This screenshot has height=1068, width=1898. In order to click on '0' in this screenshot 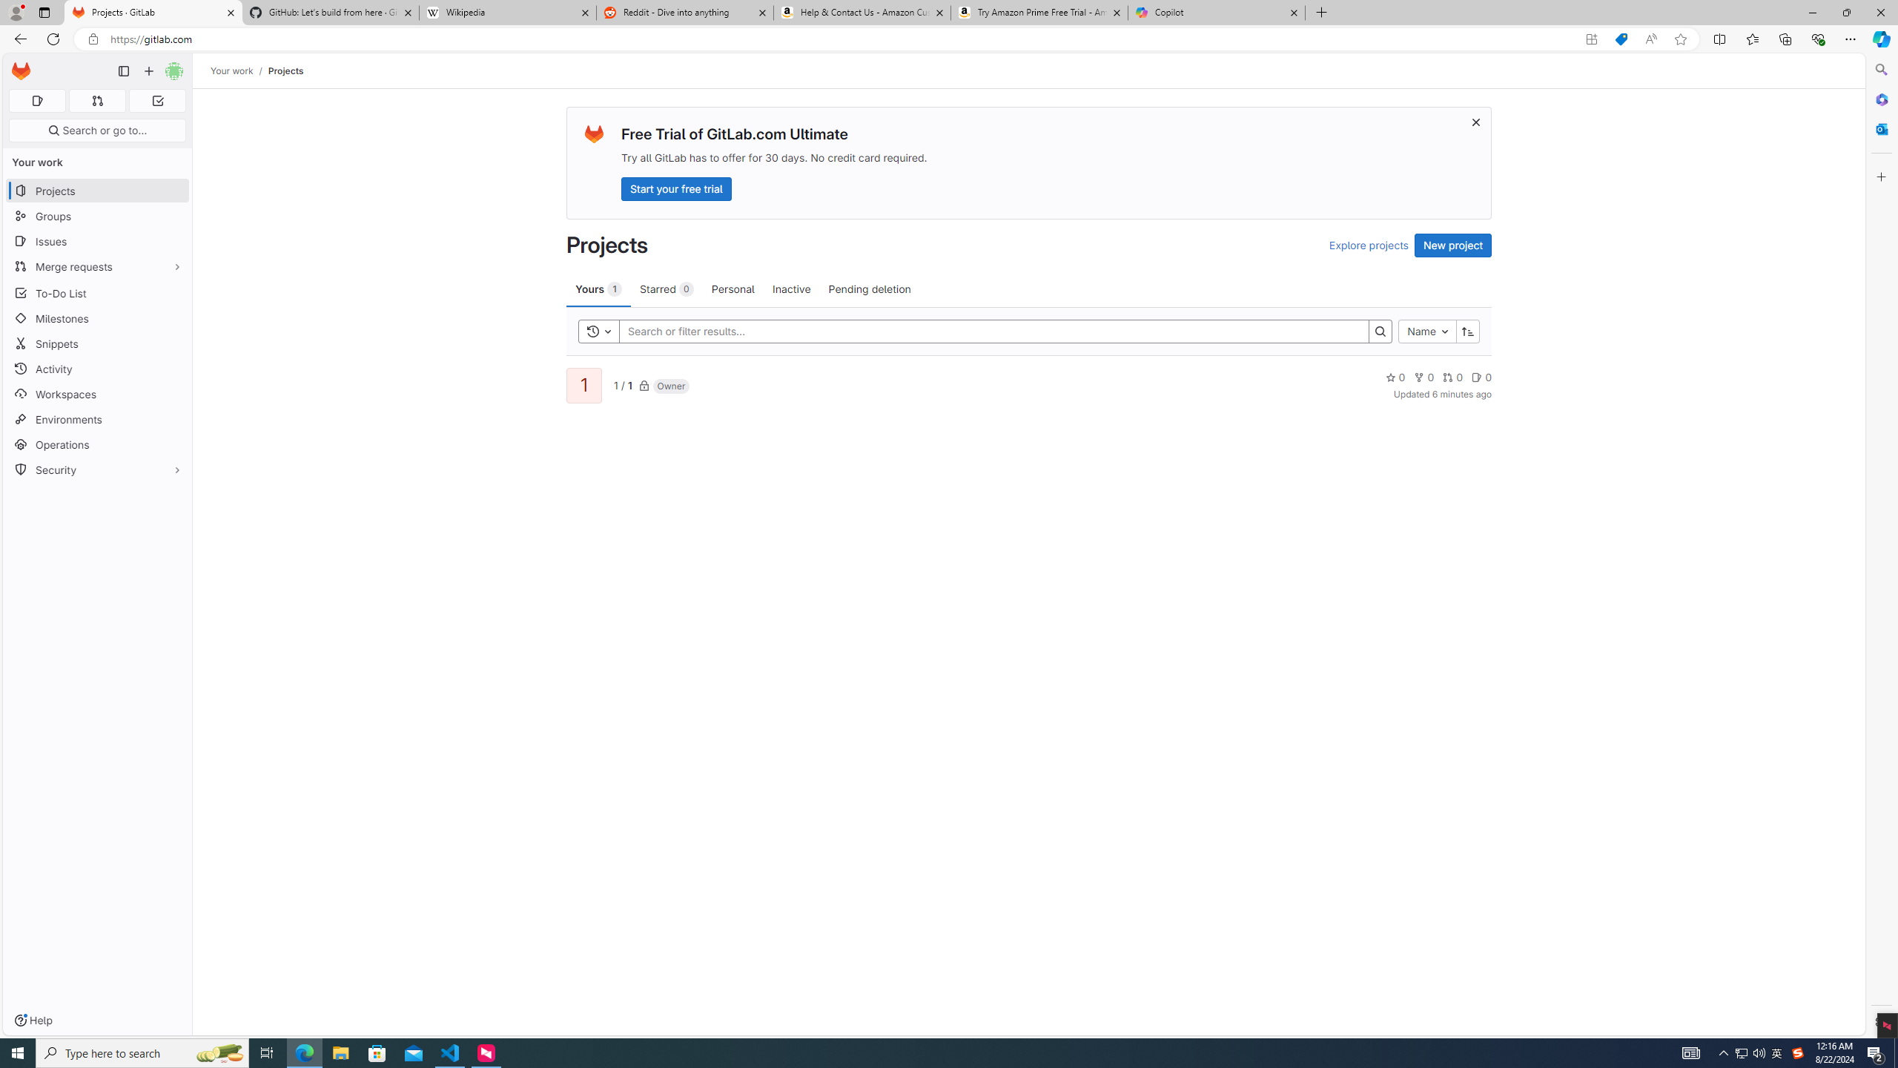, I will do `click(1481, 377)`.